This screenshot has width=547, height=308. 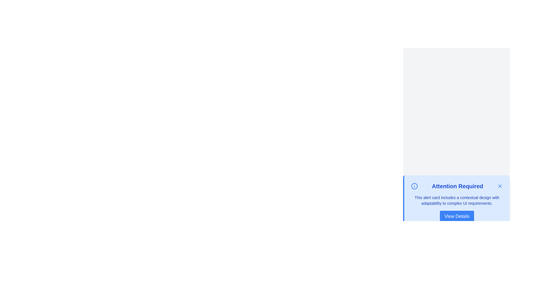 I want to click on the SVG circle element that serves as an alert indicator, positioned at the top left corner of the alert card next to the 'Attention Required' text, so click(x=414, y=186).